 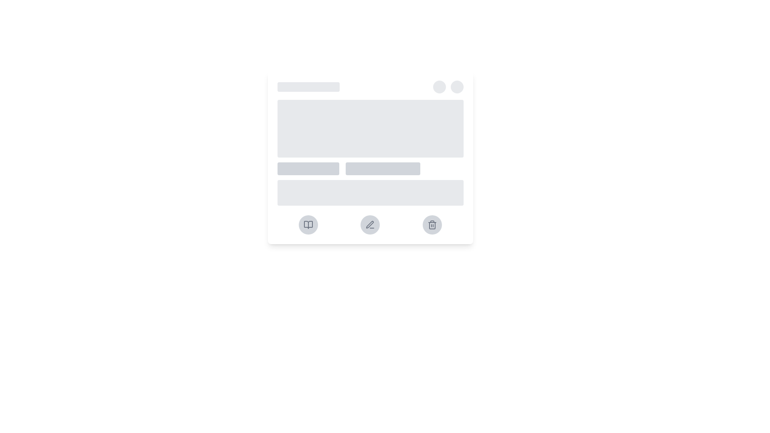 What do you see at coordinates (370, 225) in the screenshot?
I see `the middle circular button at the bottom section of the interface` at bounding box center [370, 225].